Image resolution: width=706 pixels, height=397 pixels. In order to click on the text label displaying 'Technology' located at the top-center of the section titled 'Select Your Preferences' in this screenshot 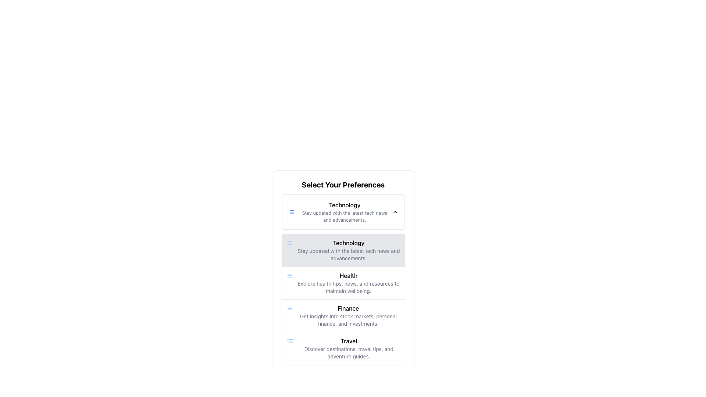, I will do `click(344, 205)`.